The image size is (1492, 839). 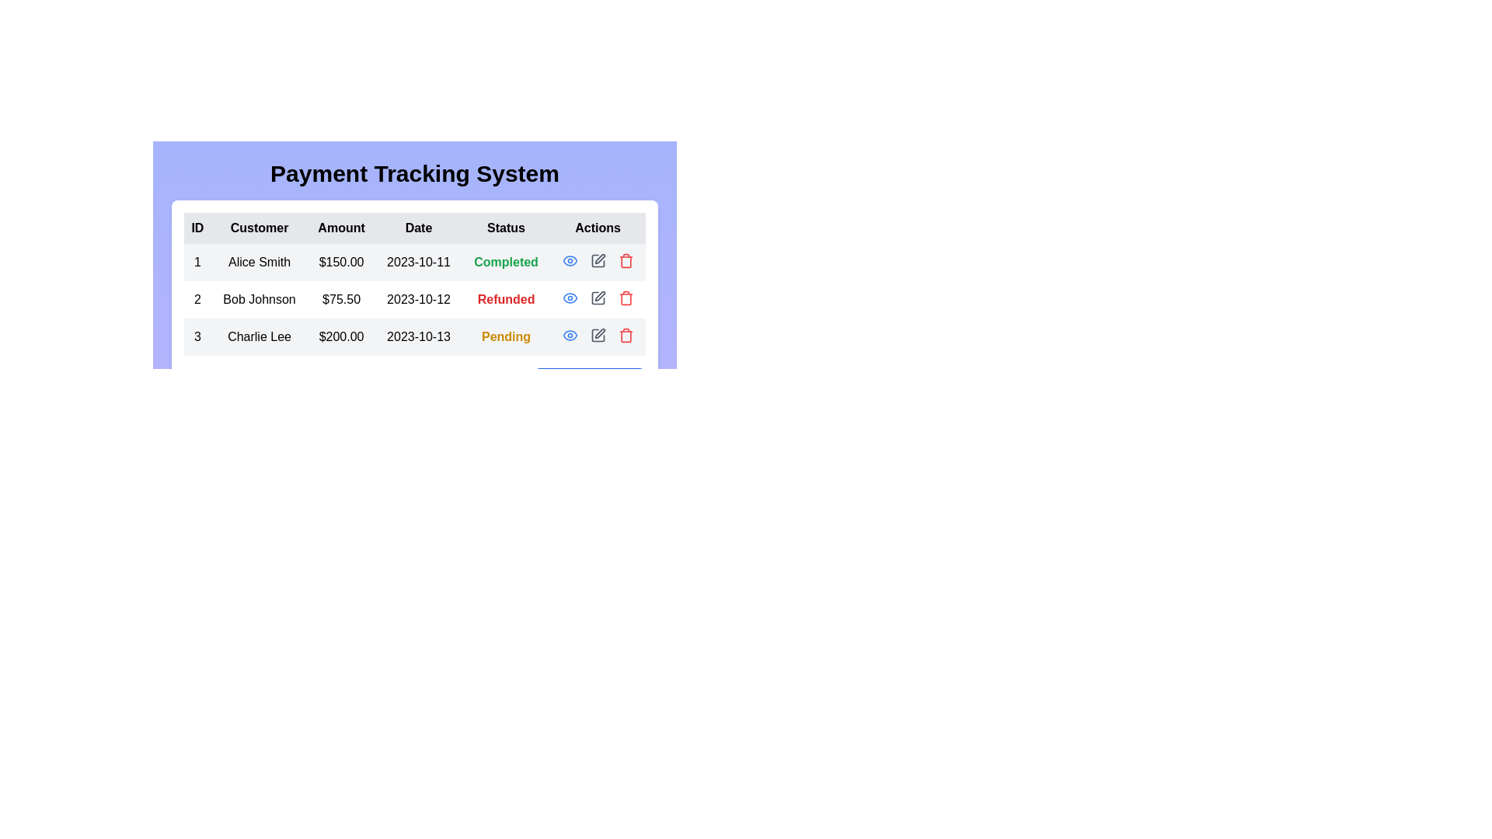 What do you see at coordinates (597, 259) in the screenshot?
I see `the edit icon associated with the entry for 'Bob Johnson' in the Actions column of the table` at bounding box center [597, 259].